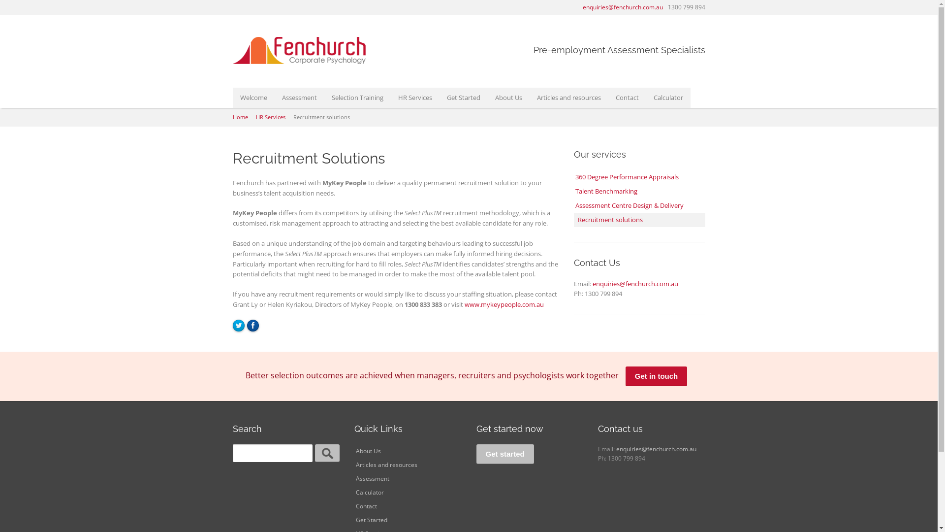 The width and height of the screenshot is (945, 532). I want to click on 'About Us', so click(354, 451).